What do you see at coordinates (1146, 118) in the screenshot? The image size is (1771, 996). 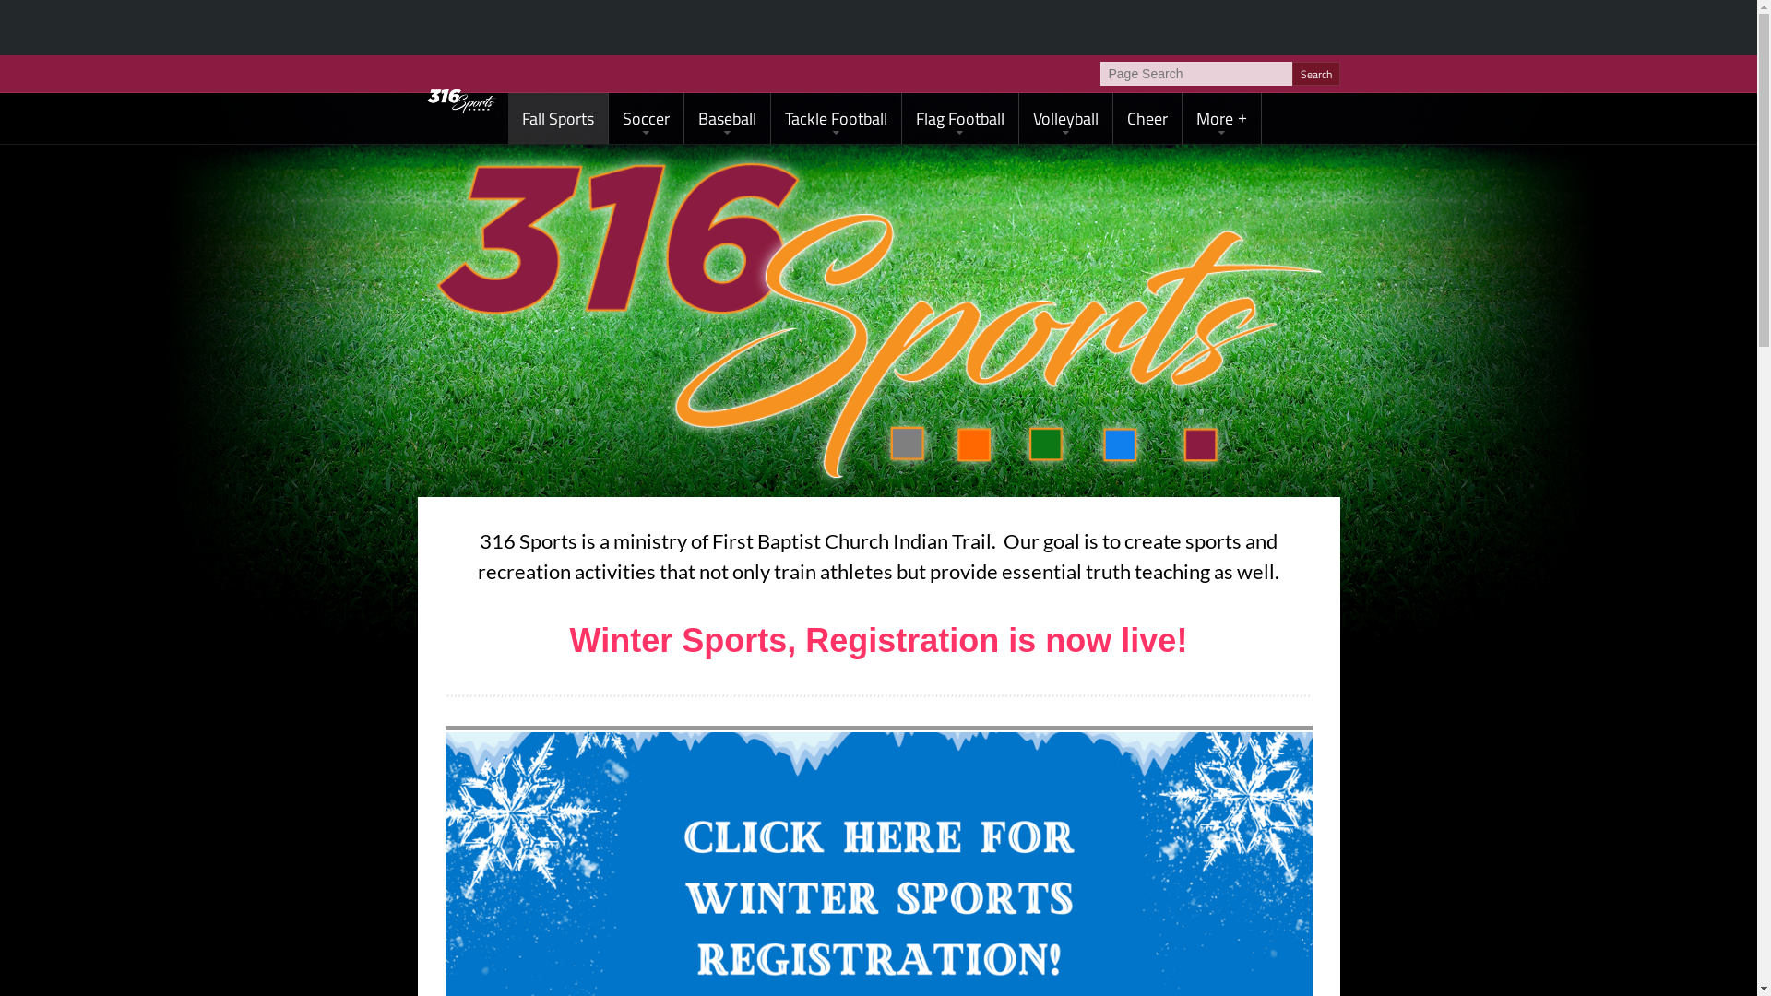 I see `'Cheer'` at bounding box center [1146, 118].